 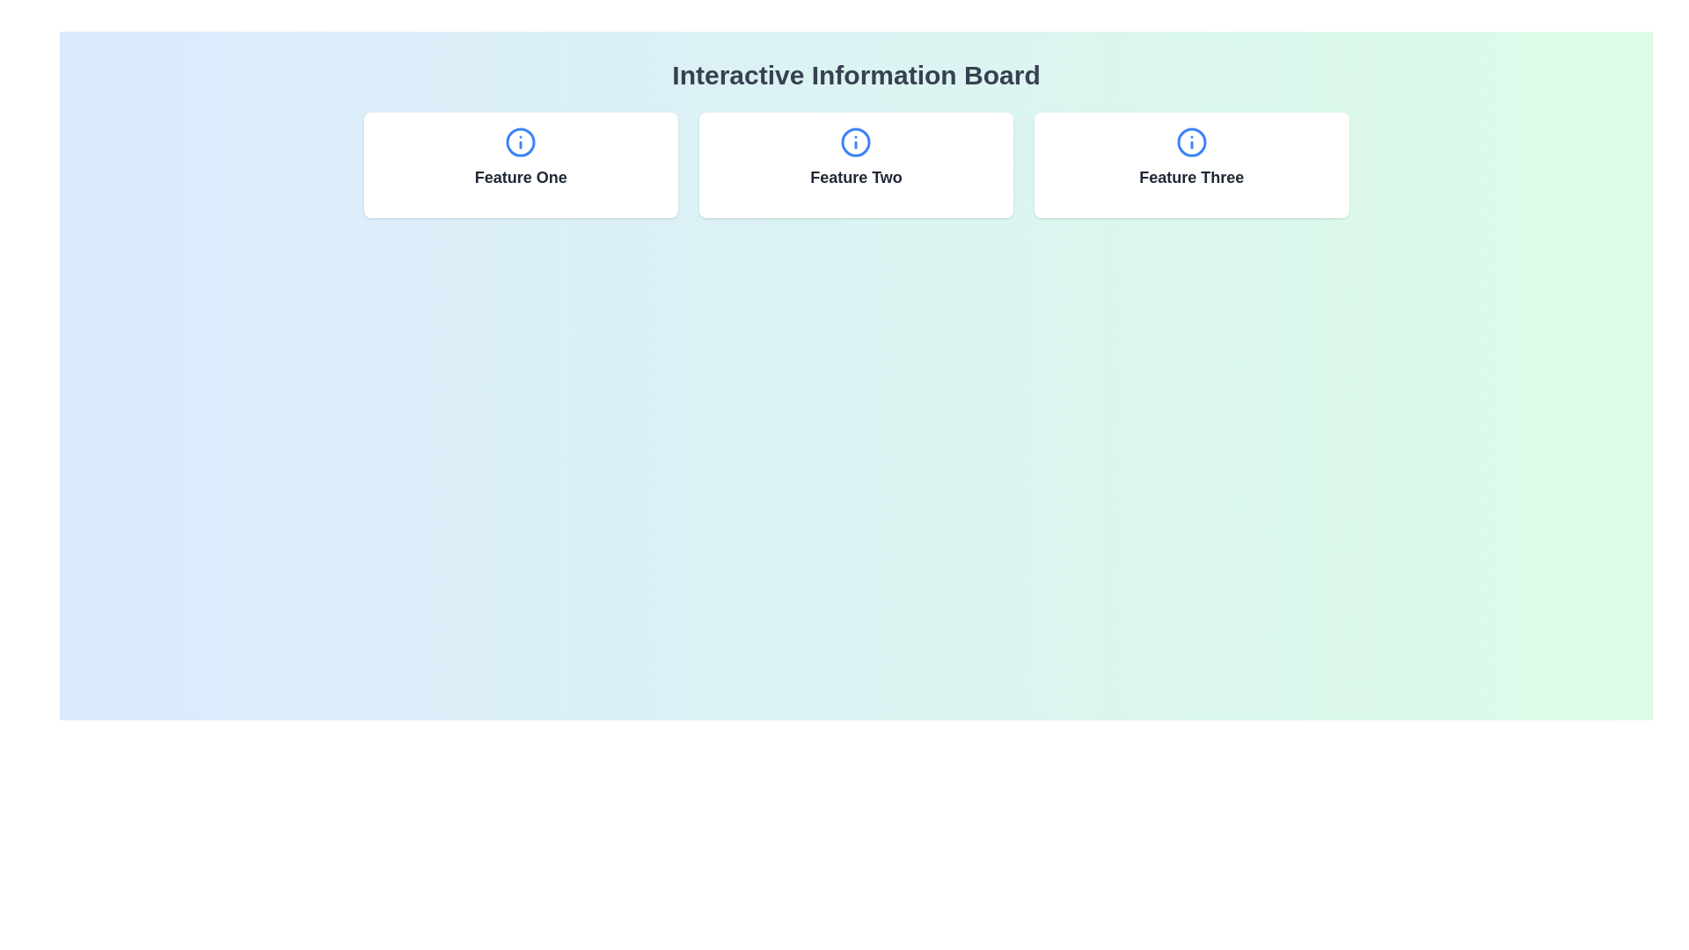 I want to click on the outer circle of the information icon within the rightmost feature card titled 'Feature Three', so click(x=1191, y=142).